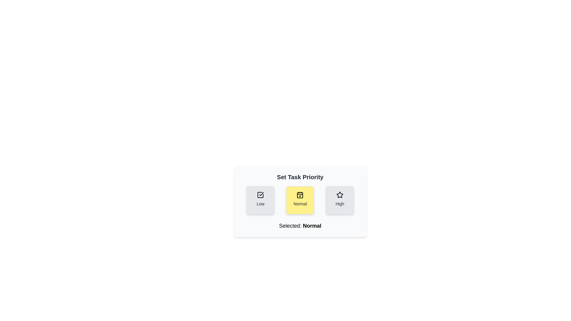 The image size is (571, 321). What do you see at coordinates (340, 200) in the screenshot?
I see `the priority button to set the task priority to High` at bounding box center [340, 200].